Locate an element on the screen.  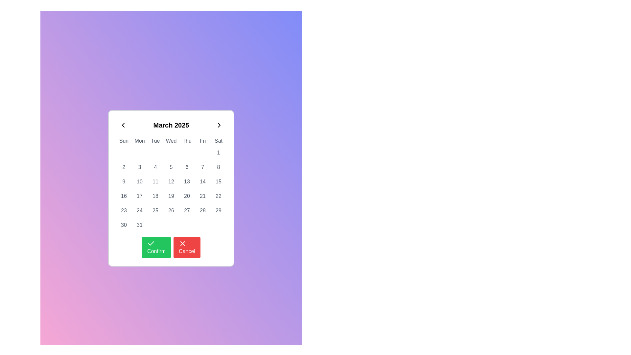
displayed month and year from the calendar header, which shows 'March 2025' and is located at the top of the calendar interface with navigation buttons on either side is located at coordinates (171, 125).